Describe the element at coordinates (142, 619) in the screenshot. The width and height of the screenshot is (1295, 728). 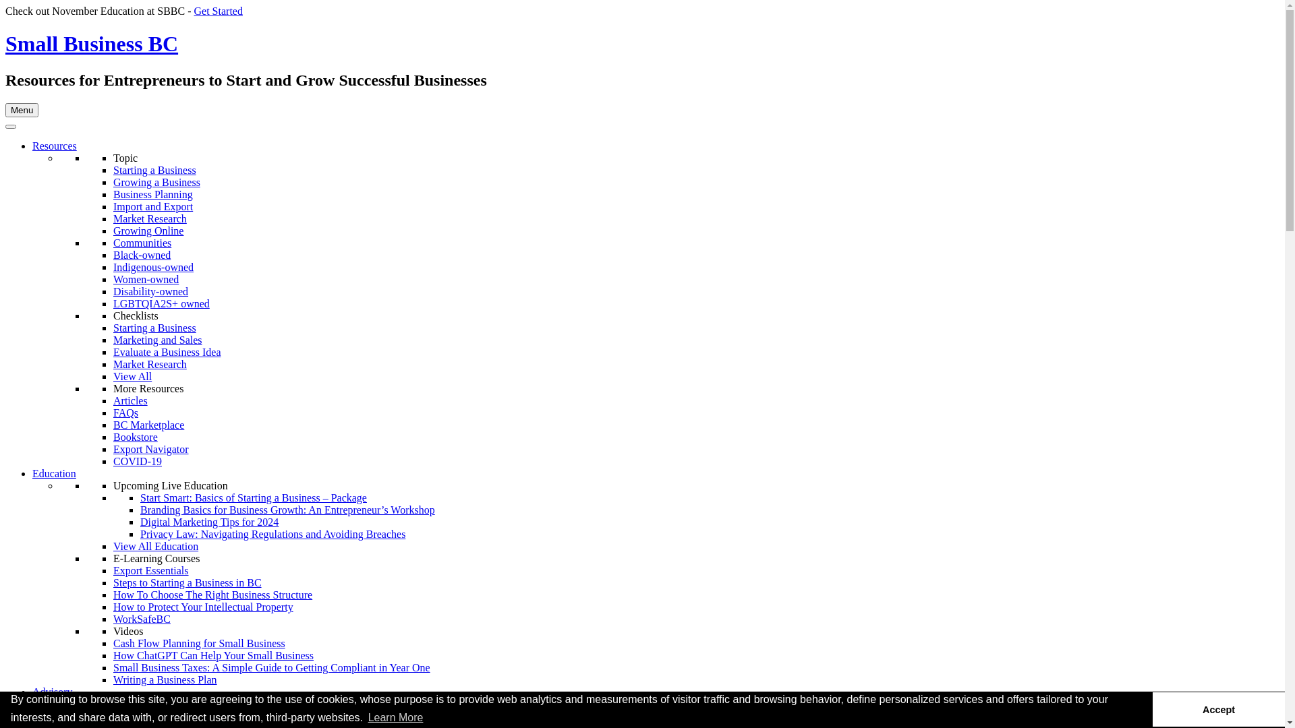
I see `'WorkSafeBC'` at that location.